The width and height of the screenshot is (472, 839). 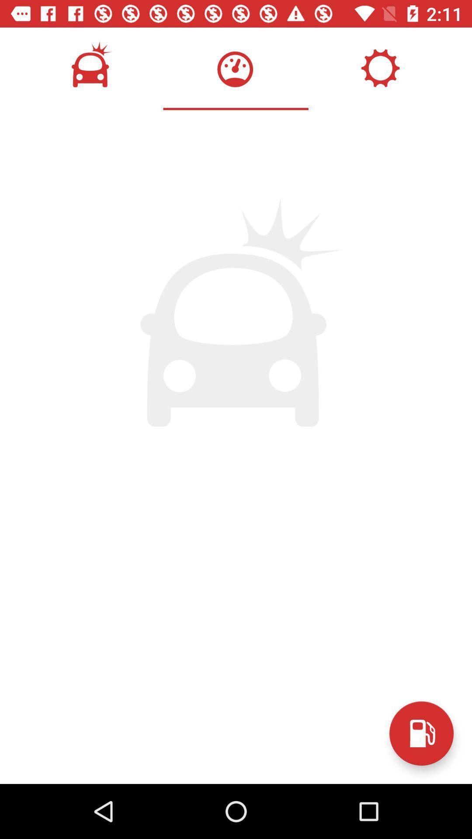 What do you see at coordinates (421, 733) in the screenshot?
I see `gas locations` at bounding box center [421, 733].